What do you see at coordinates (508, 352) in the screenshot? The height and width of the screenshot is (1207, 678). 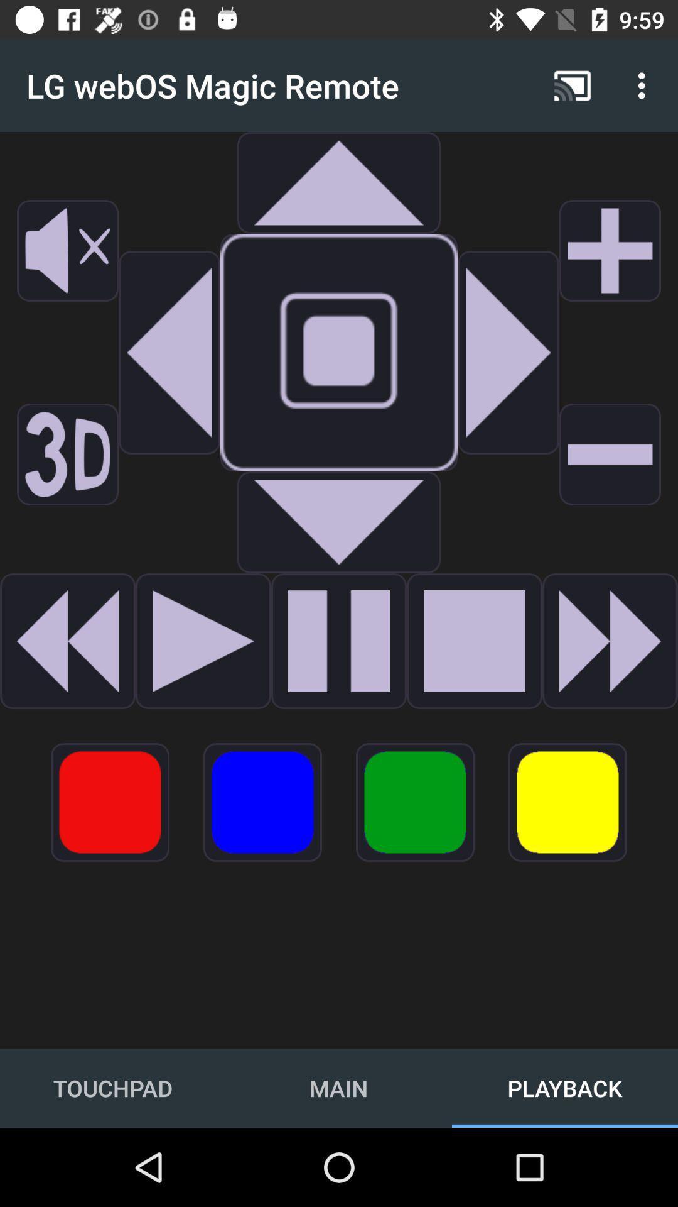 I see `the play icon` at bounding box center [508, 352].